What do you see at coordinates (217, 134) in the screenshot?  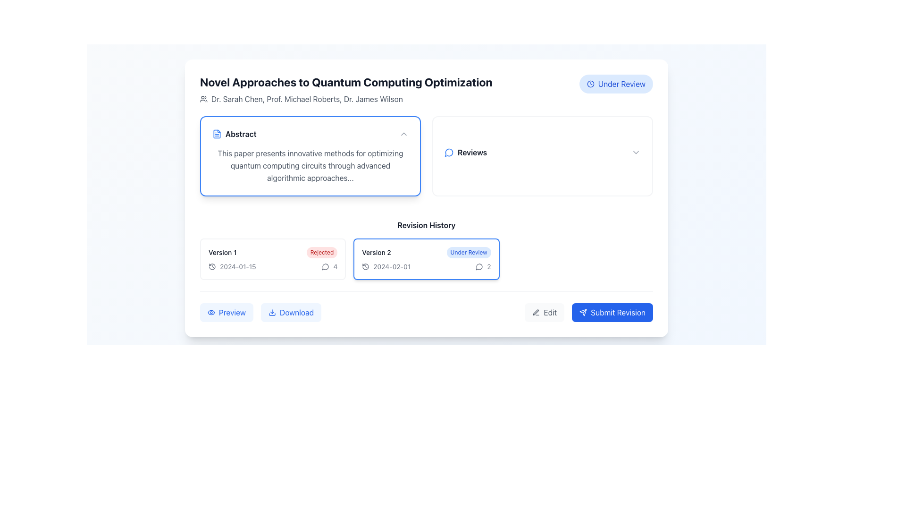 I see `the blue document icon located to the left of the 'Abstract' text near the top center of the interface` at bounding box center [217, 134].